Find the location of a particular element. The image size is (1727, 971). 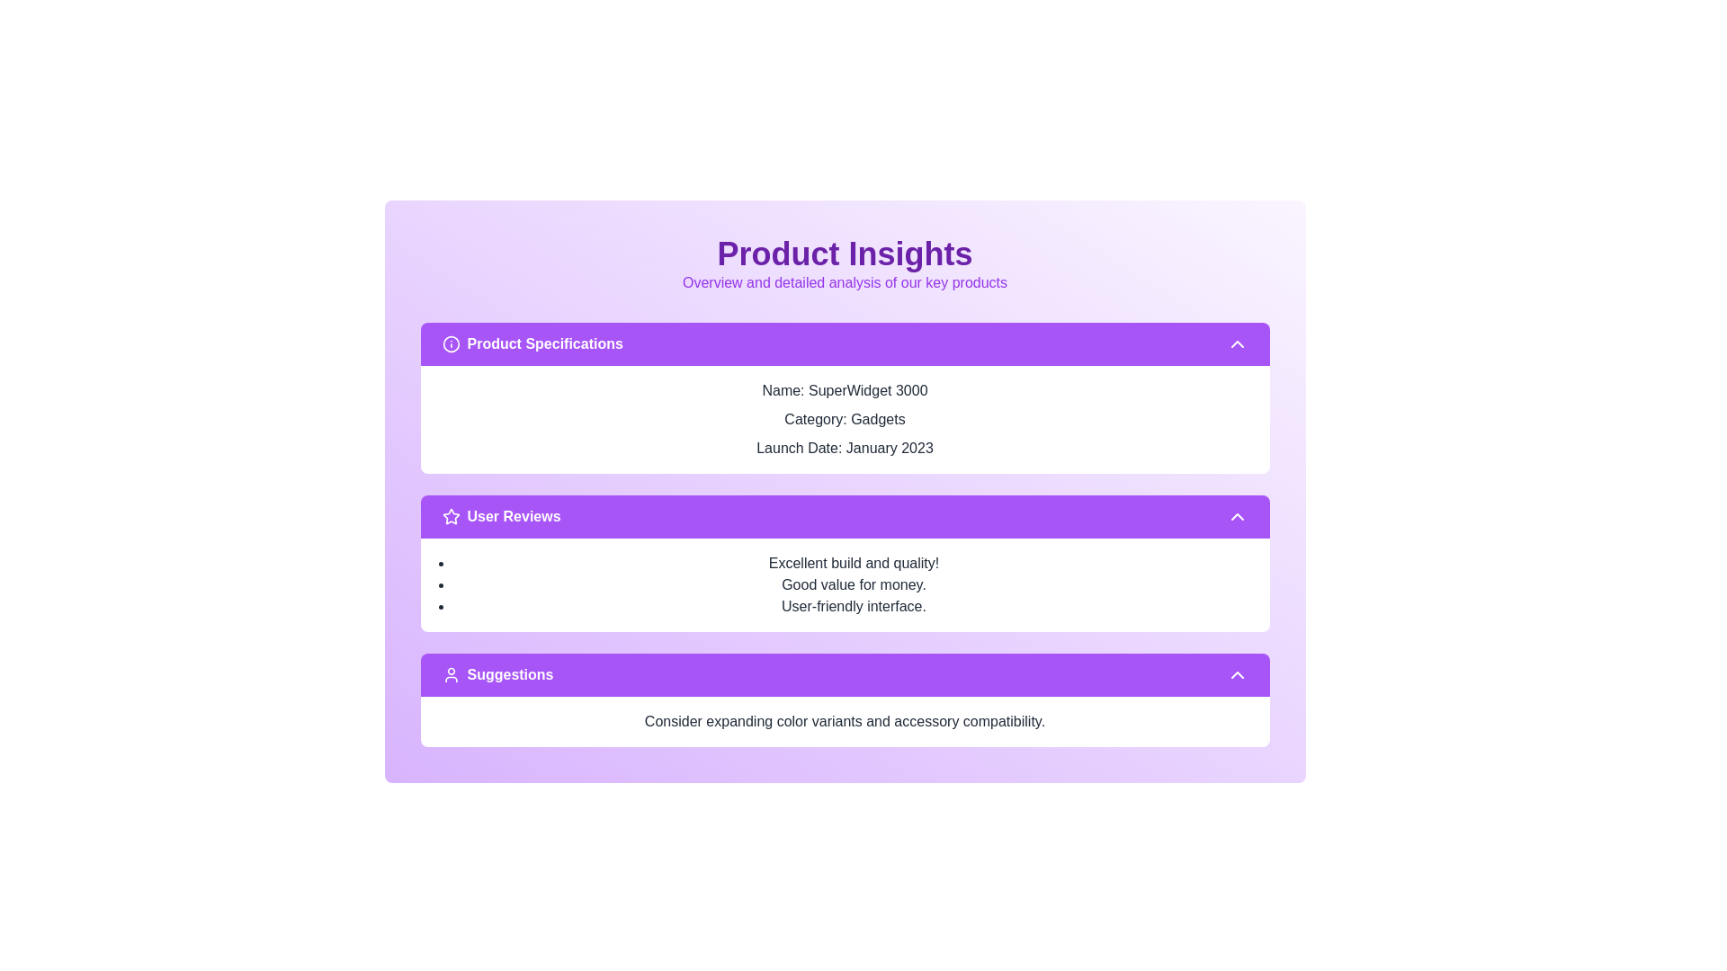

the 'Product Specifications' label header to potentially reveal tooltips related to the info icon beside it is located at coordinates (532, 343).